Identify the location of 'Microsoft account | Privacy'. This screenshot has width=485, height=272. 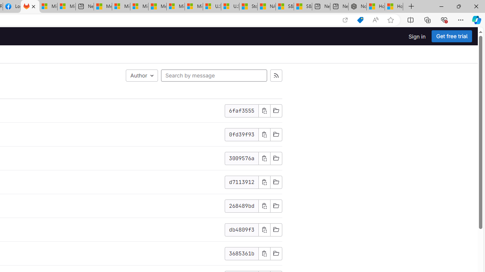
(120, 6).